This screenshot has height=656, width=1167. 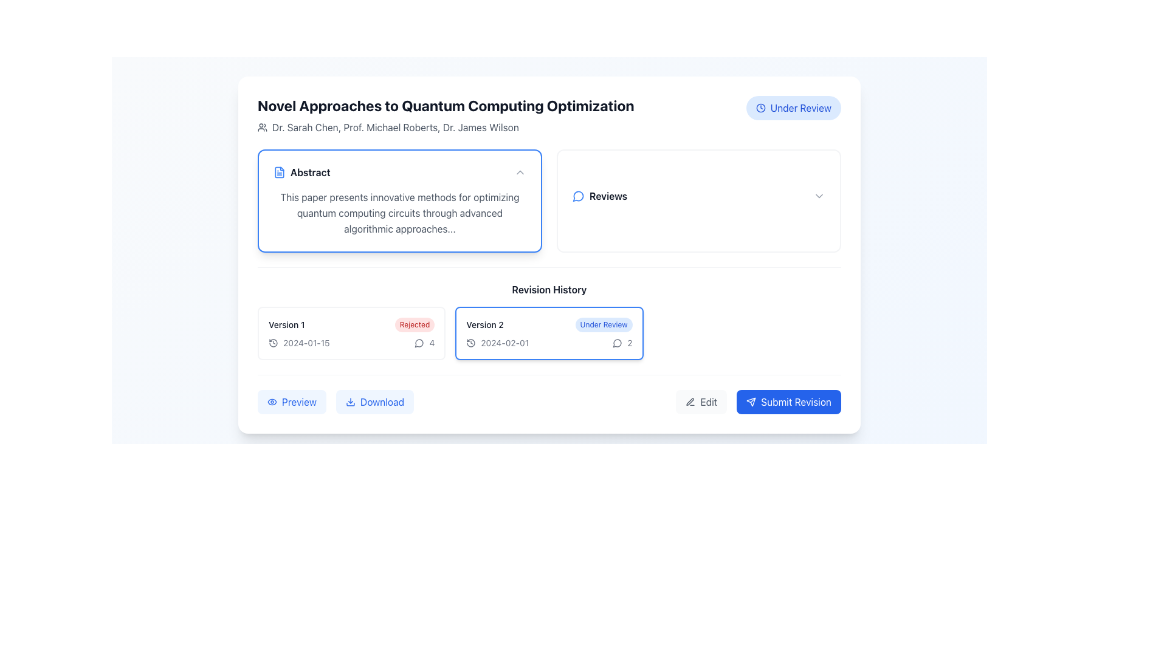 What do you see at coordinates (299, 402) in the screenshot?
I see `the 'Preview' button which contains the text label 'Preview' in blue, located at the bottom-left part of the interface next to the 'Download' button and to the right of the eye icon` at bounding box center [299, 402].